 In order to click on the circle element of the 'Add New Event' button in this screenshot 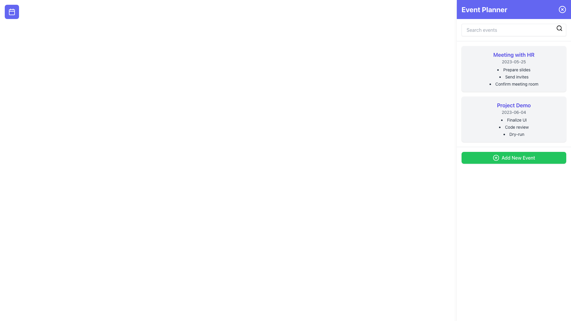, I will do `click(496, 158)`.